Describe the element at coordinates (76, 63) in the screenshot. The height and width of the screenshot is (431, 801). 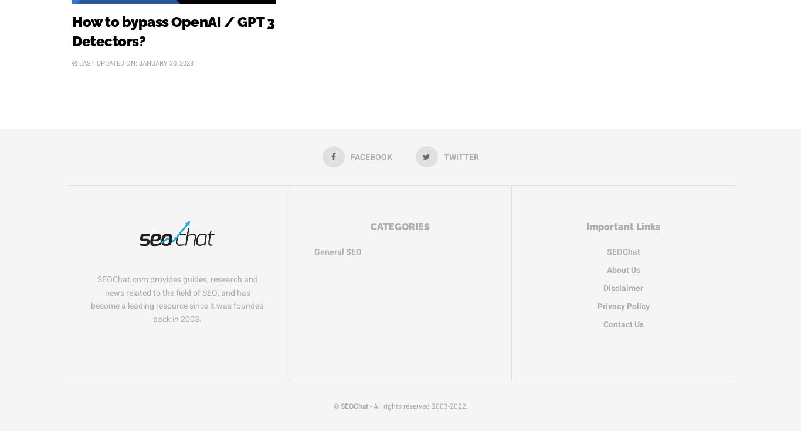
I see `'Last Updated On: January 30, 2023'` at that location.